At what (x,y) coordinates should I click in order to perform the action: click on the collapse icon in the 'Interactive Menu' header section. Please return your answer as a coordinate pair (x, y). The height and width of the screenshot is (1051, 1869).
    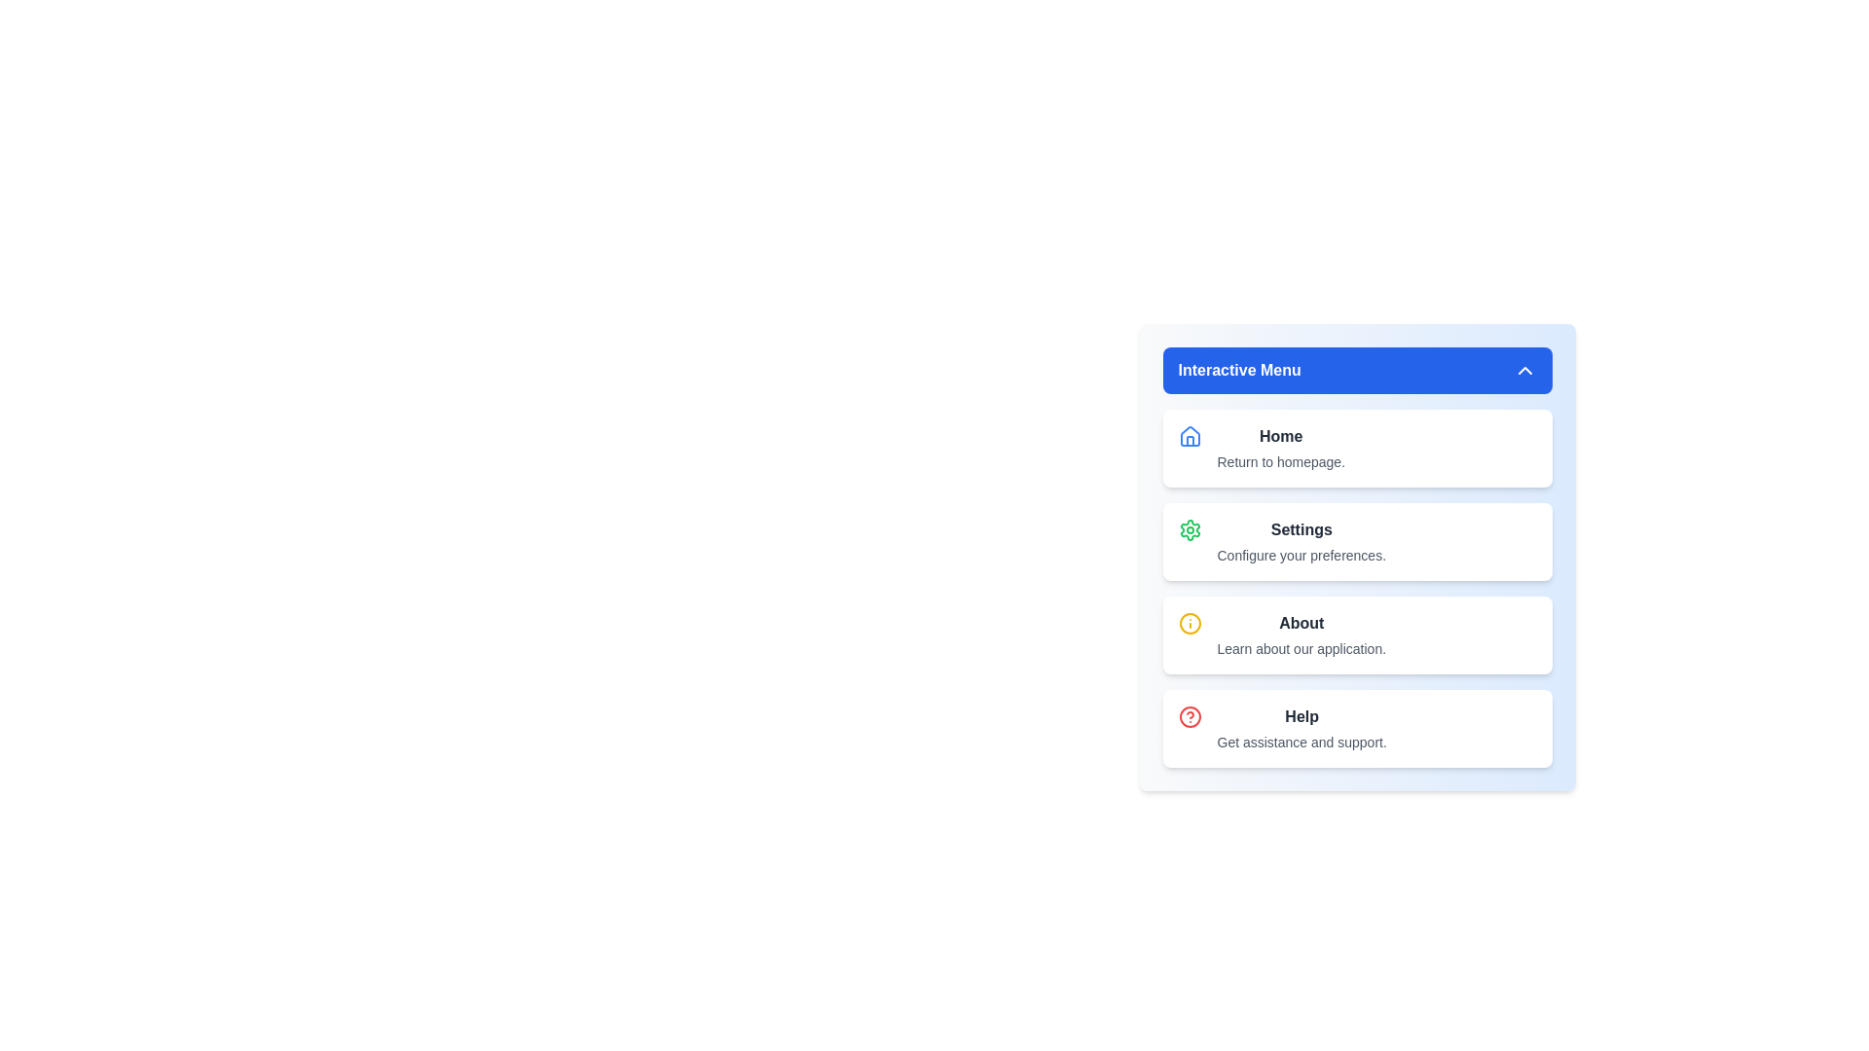
    Looking at the image, I should click on (1523, 371).